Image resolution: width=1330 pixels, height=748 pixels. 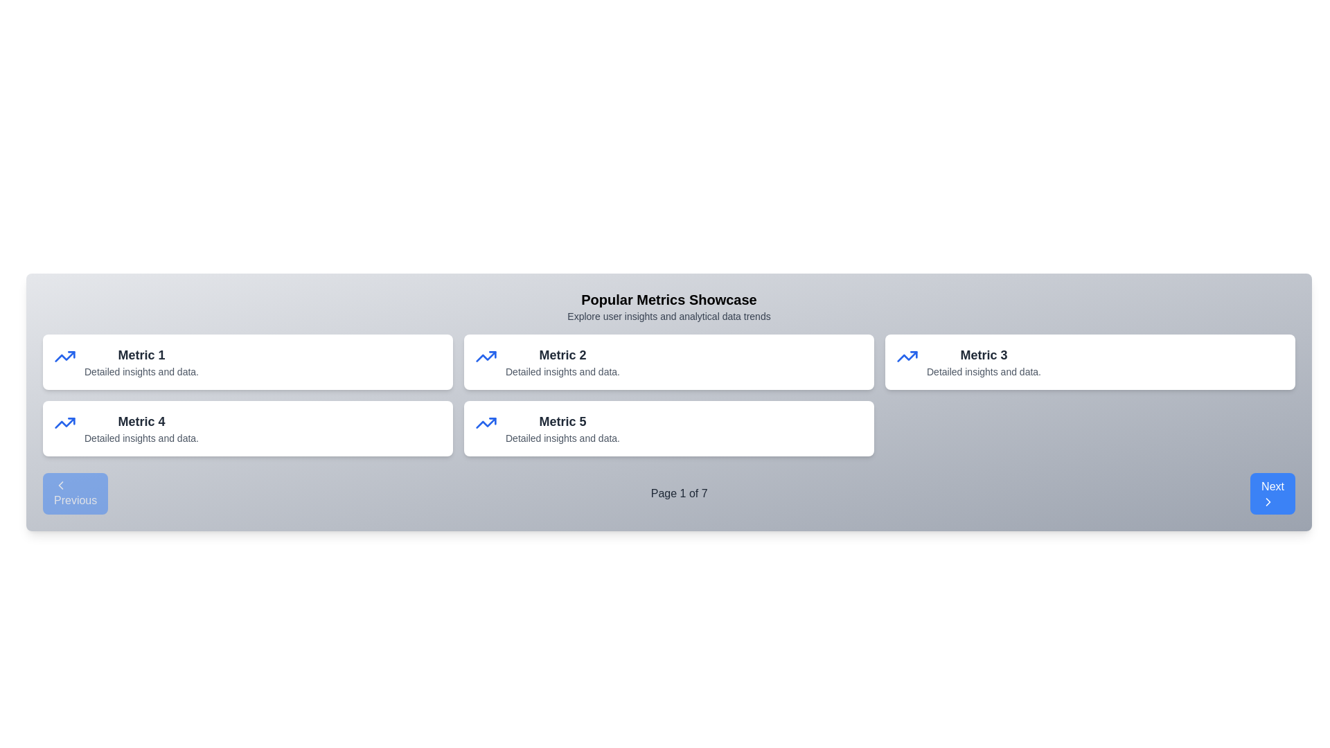 What do you see at coordinates (141, 355) in the screenshot?
I see `the text in the Text Label that serves as a title for the metric, located in the first column of the first row within the grid layout, above the text 'Detailed insights and data'` at bounding box center [141, 355].